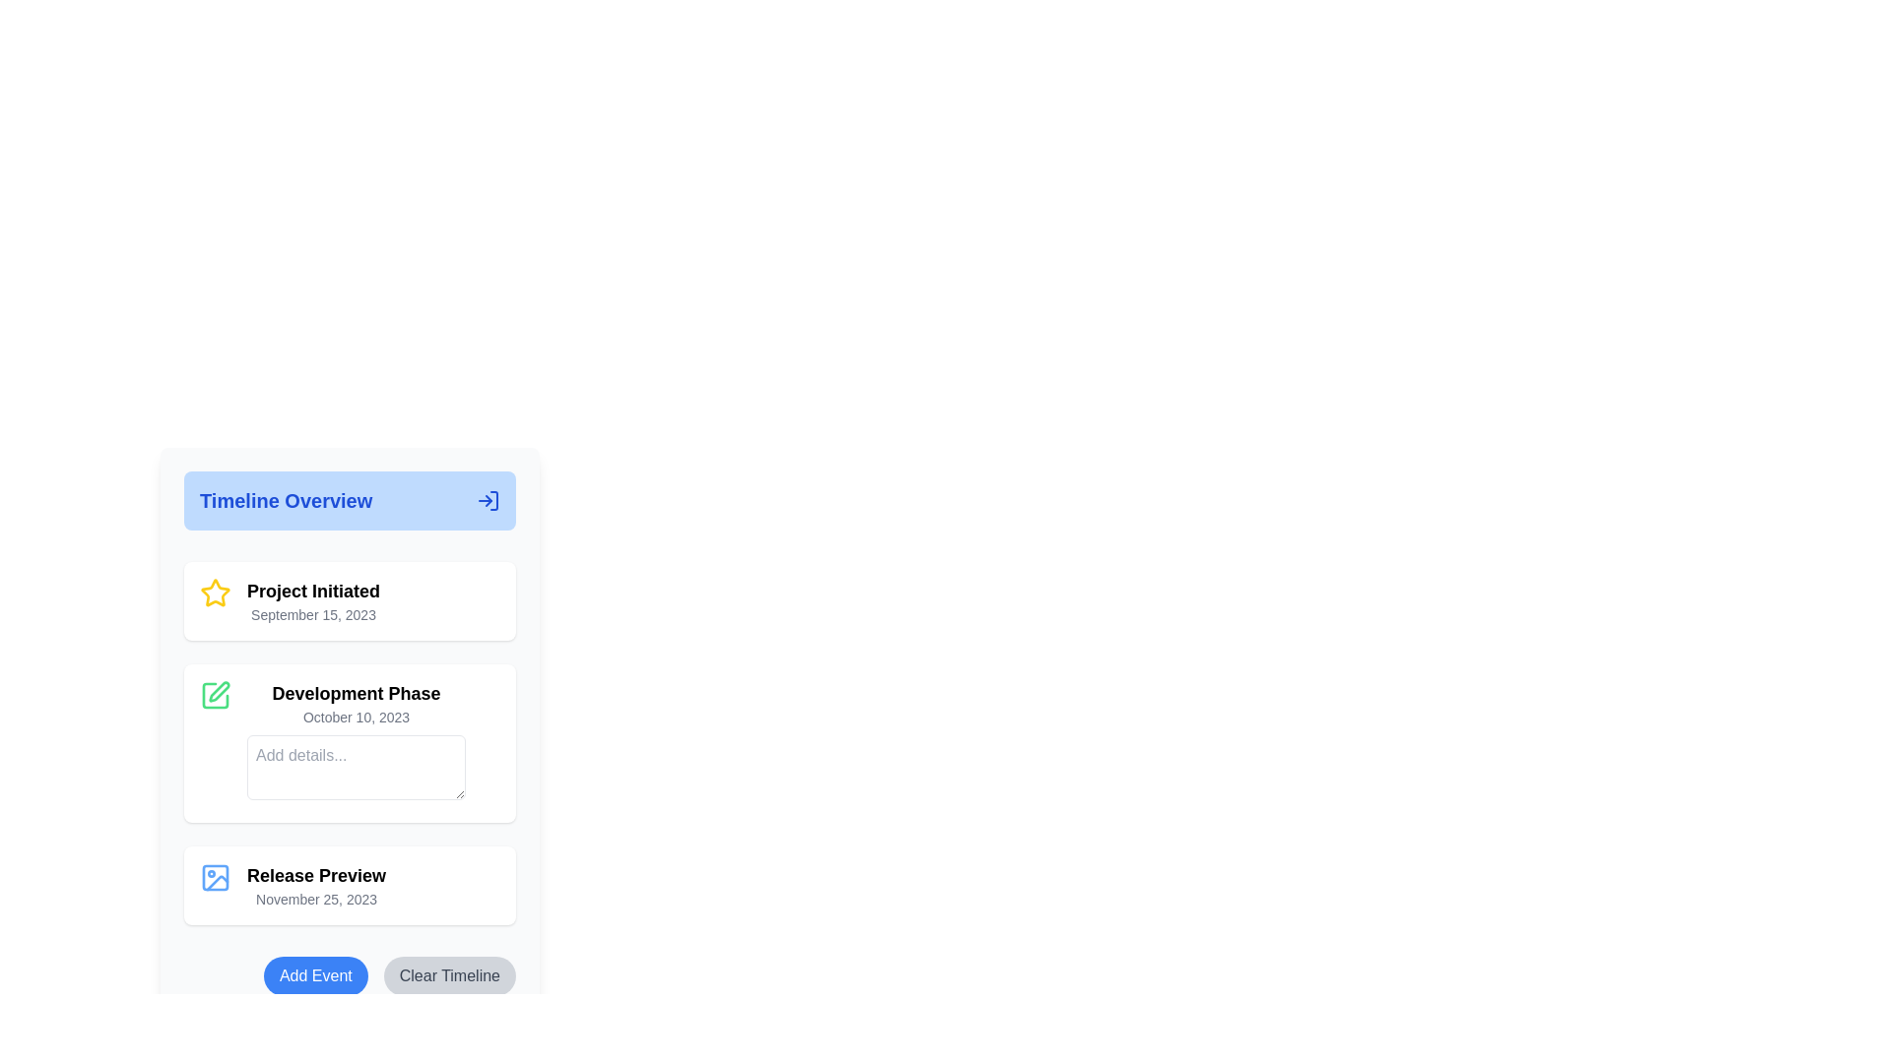  Describe the element at coordinates (488, 500) in the screenshot. I see `the blue 'log in' icon located at the top-right corner of the 'Timeline Overview' header to initiate the navigation or log in action` at that location.